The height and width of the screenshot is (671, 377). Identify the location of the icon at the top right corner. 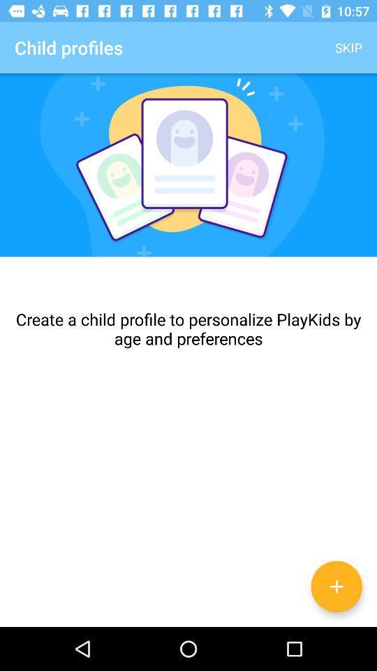
(348, 48).